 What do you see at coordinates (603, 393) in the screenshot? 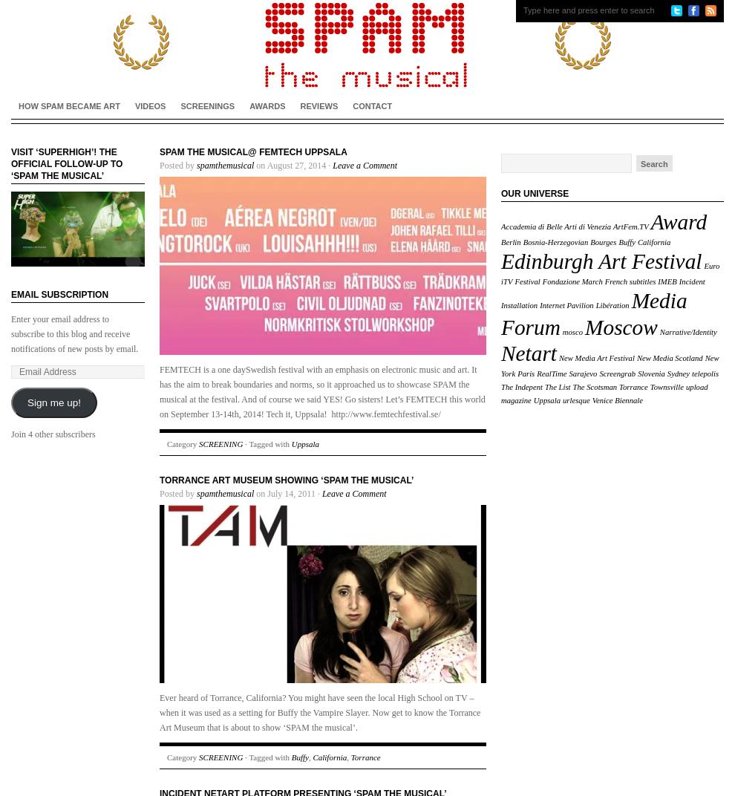
I see `'upload magazine'` at bounding box center [603, 393].